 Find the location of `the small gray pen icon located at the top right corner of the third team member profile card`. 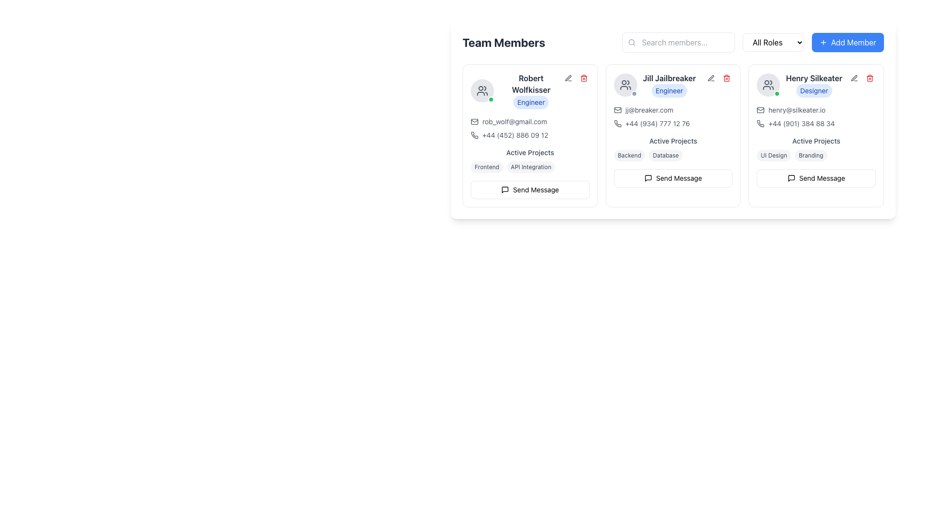

the small gray pen icon located at the top right corner of the third team member profile card is located at coordinates (711, 78).